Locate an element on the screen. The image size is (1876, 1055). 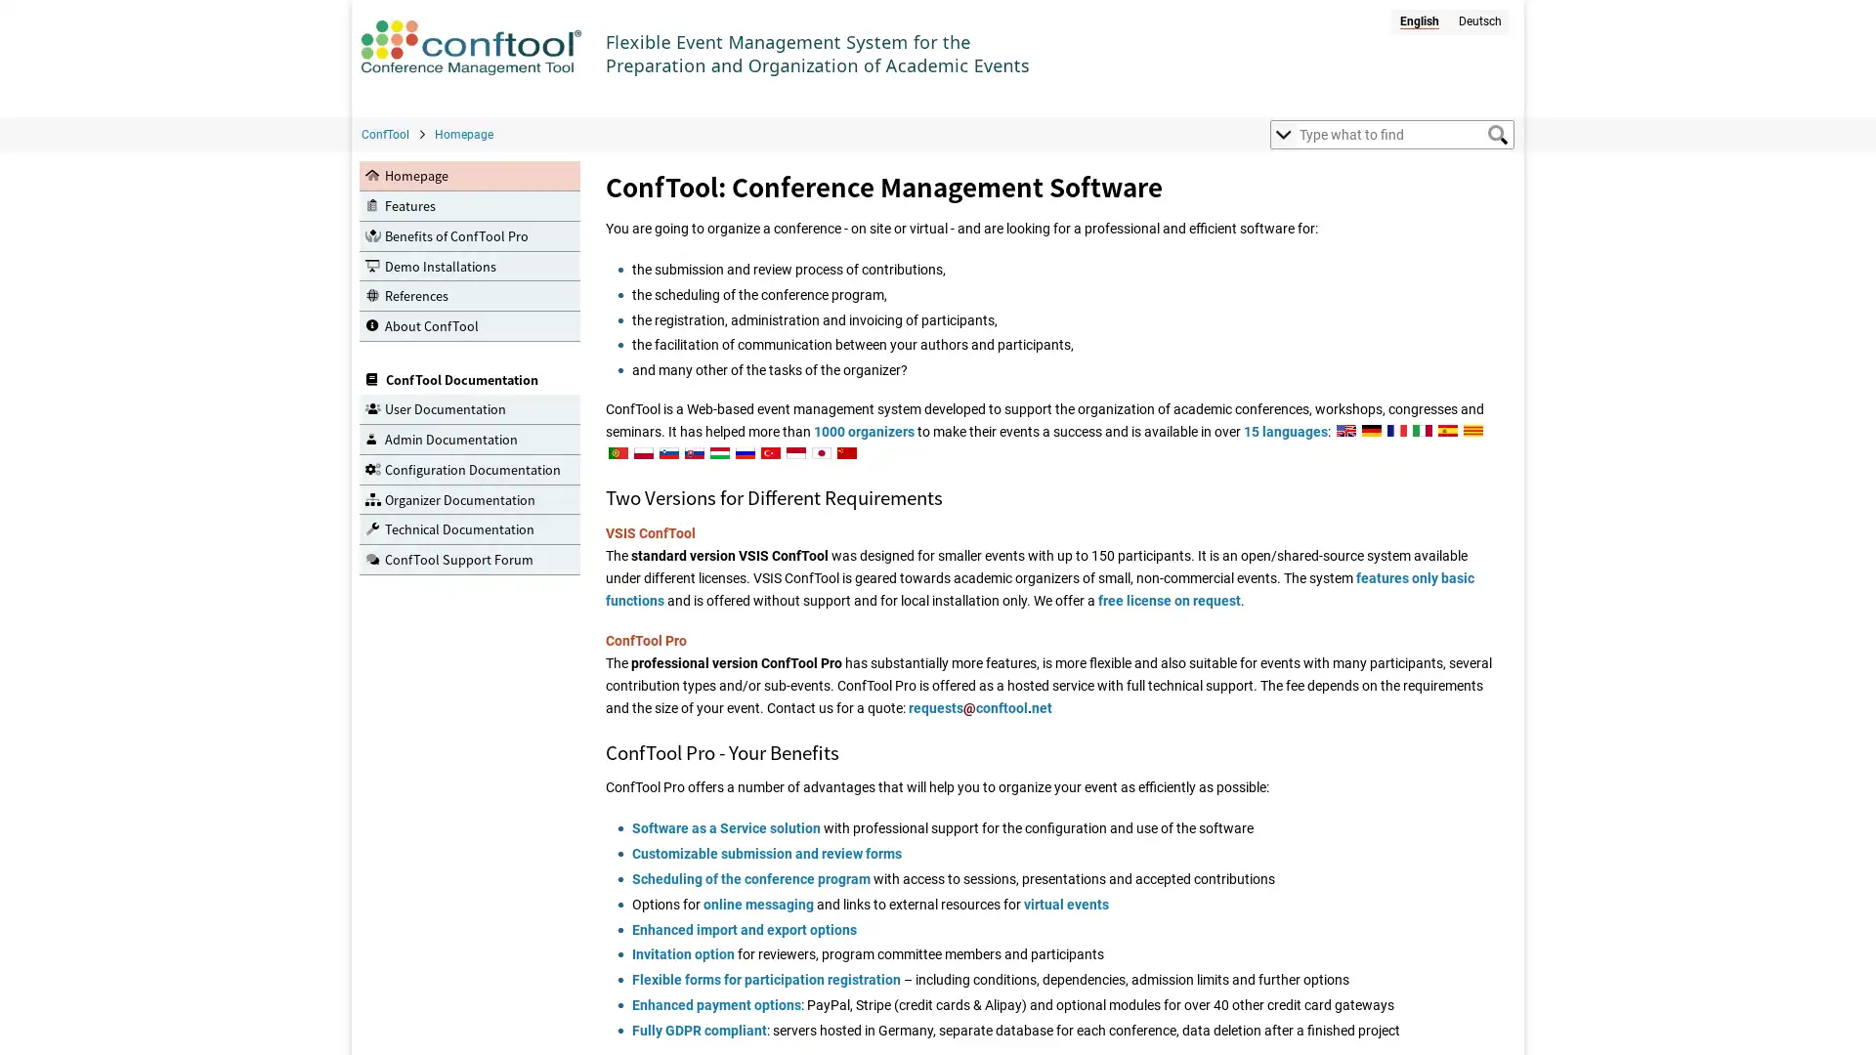
Search is located at coordinates (1496, 134).